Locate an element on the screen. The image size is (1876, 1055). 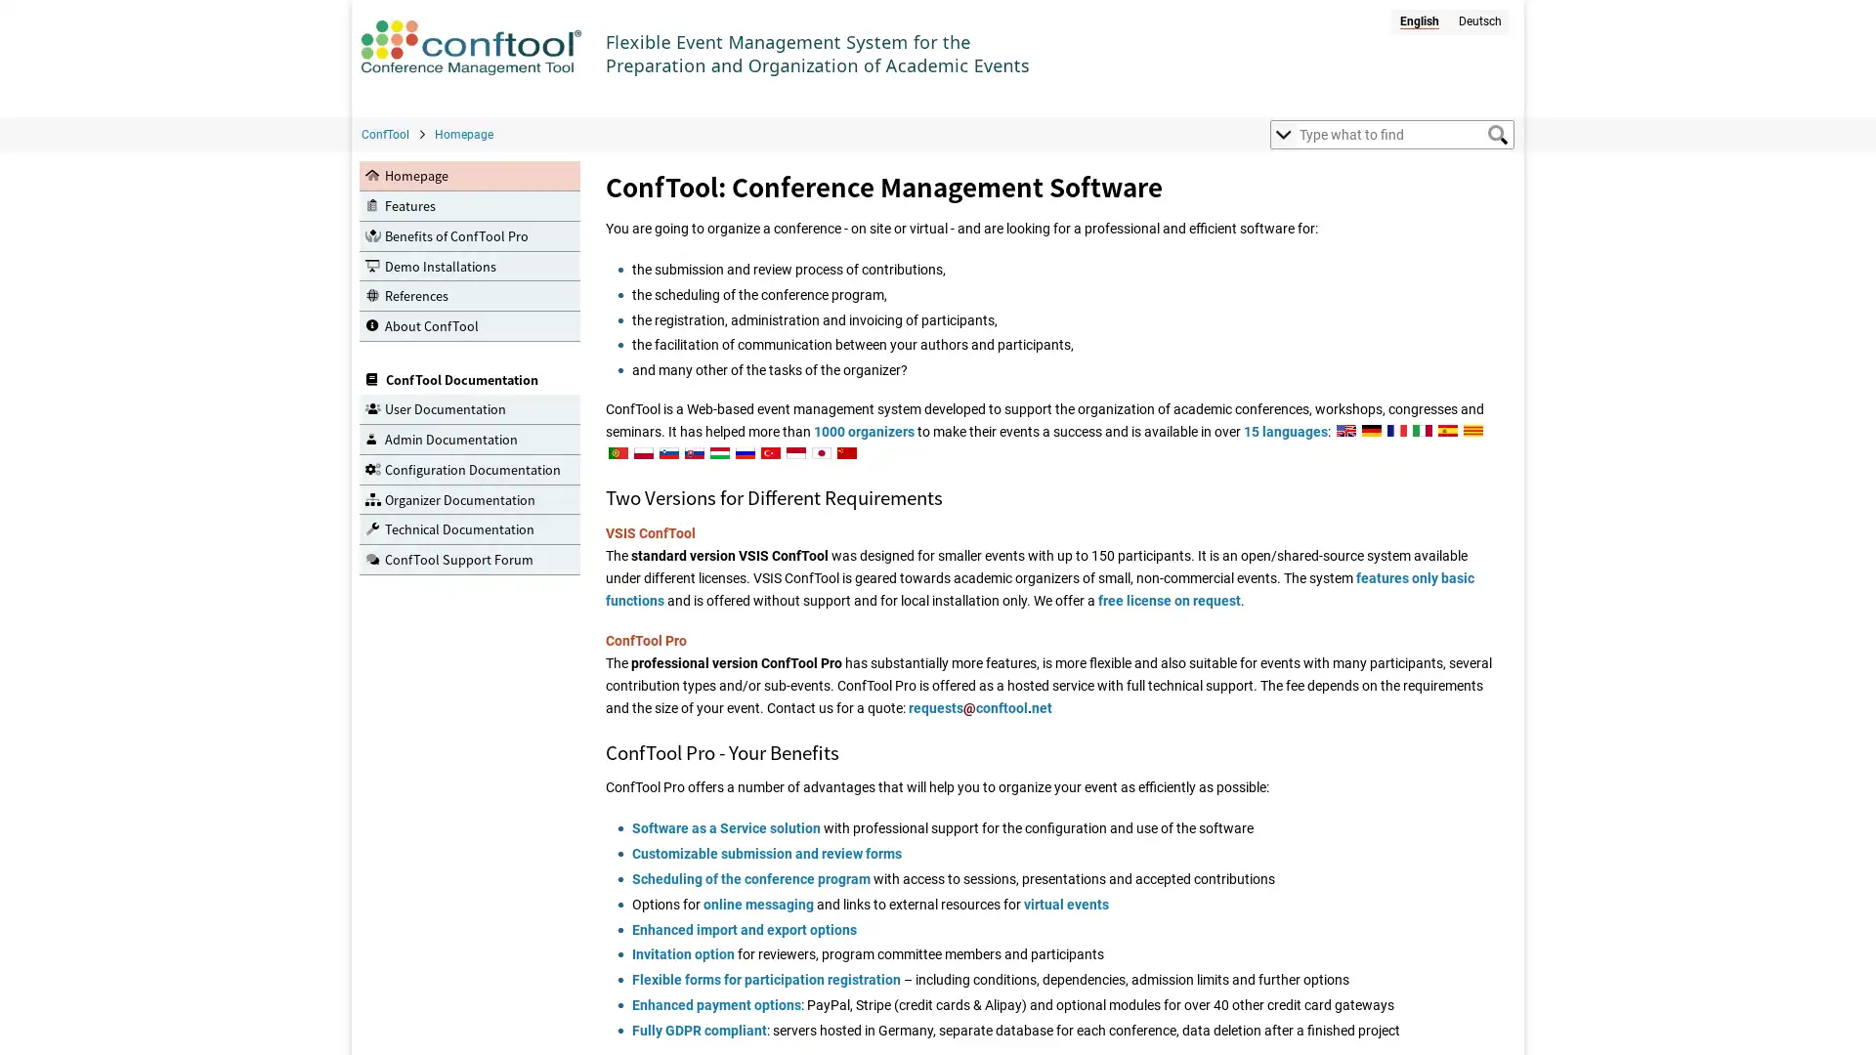
Search is located at coordinates (1496, 134).